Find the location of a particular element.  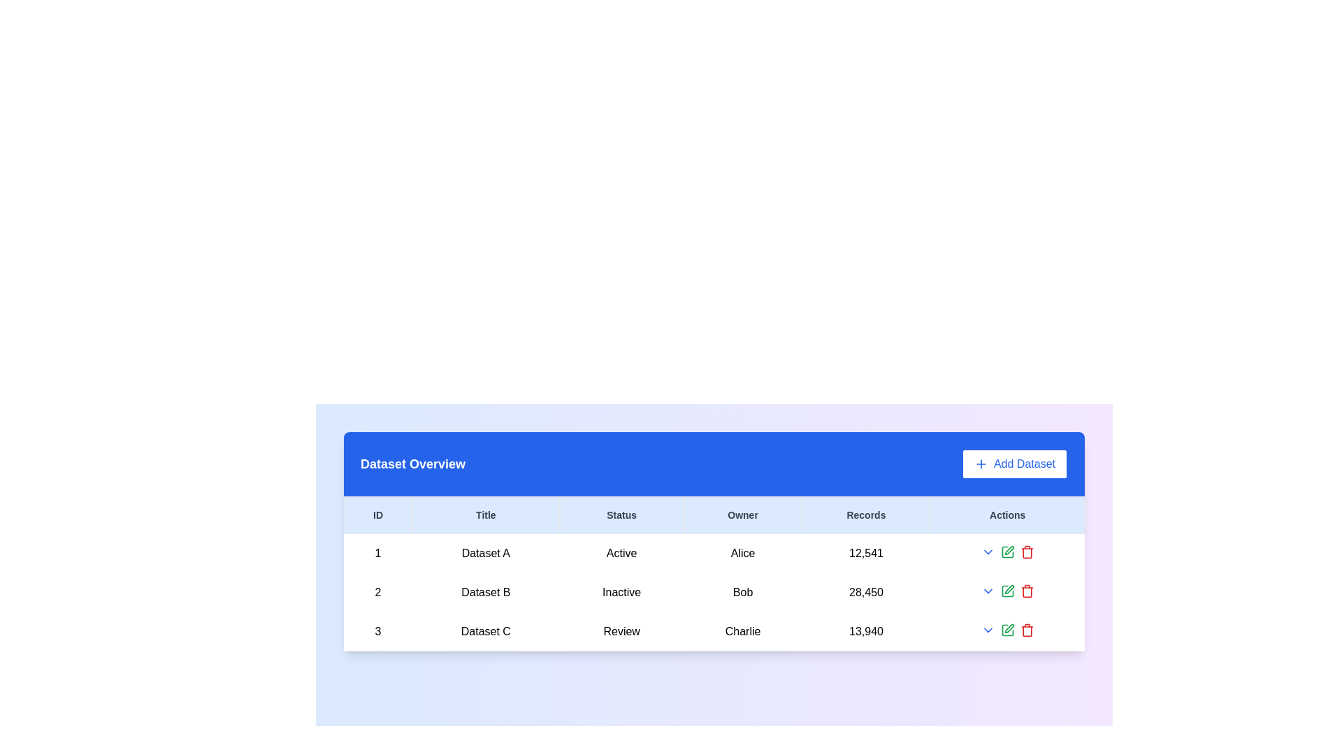

the trash can icon located under the 'Actions' column in the data table for 'Dataset C' is located at coordinates (1027, 551).